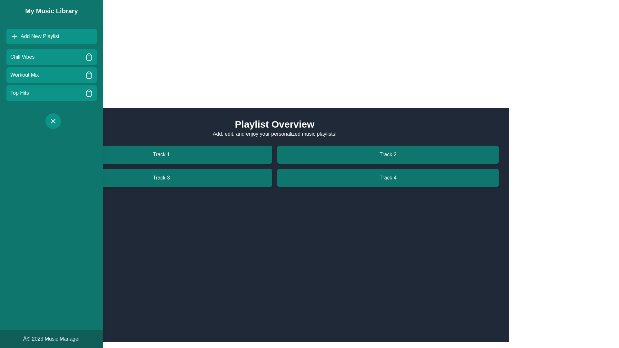 Image resolution: width=619 pixels, height=348 pixels. What do you see at coordinates (274, 124) in the screenshot?
I see `the text heading 'Playlist Overview', which is bold, large, and centered at the top of the content area on a dark background` at bounding box center [274, 124].